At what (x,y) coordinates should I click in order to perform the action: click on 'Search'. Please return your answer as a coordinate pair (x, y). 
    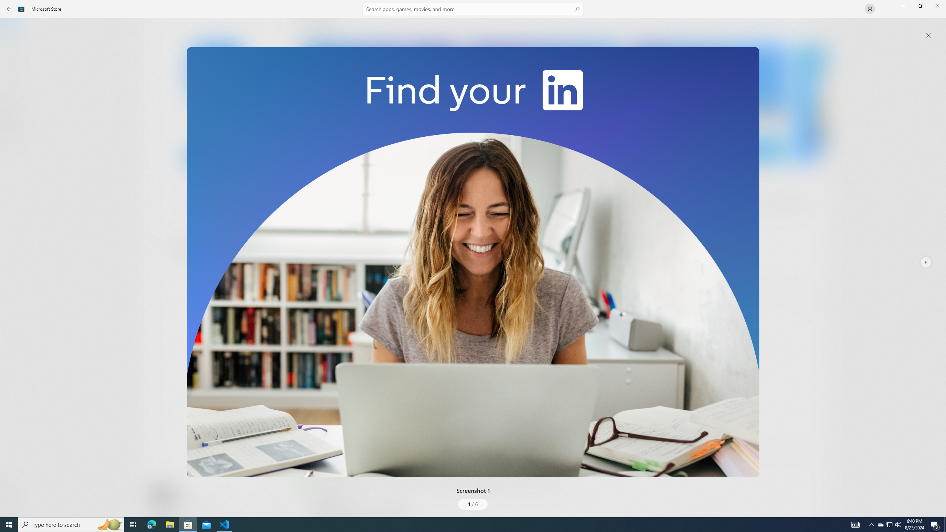
    Looking at the image, I should click on (473, 8).